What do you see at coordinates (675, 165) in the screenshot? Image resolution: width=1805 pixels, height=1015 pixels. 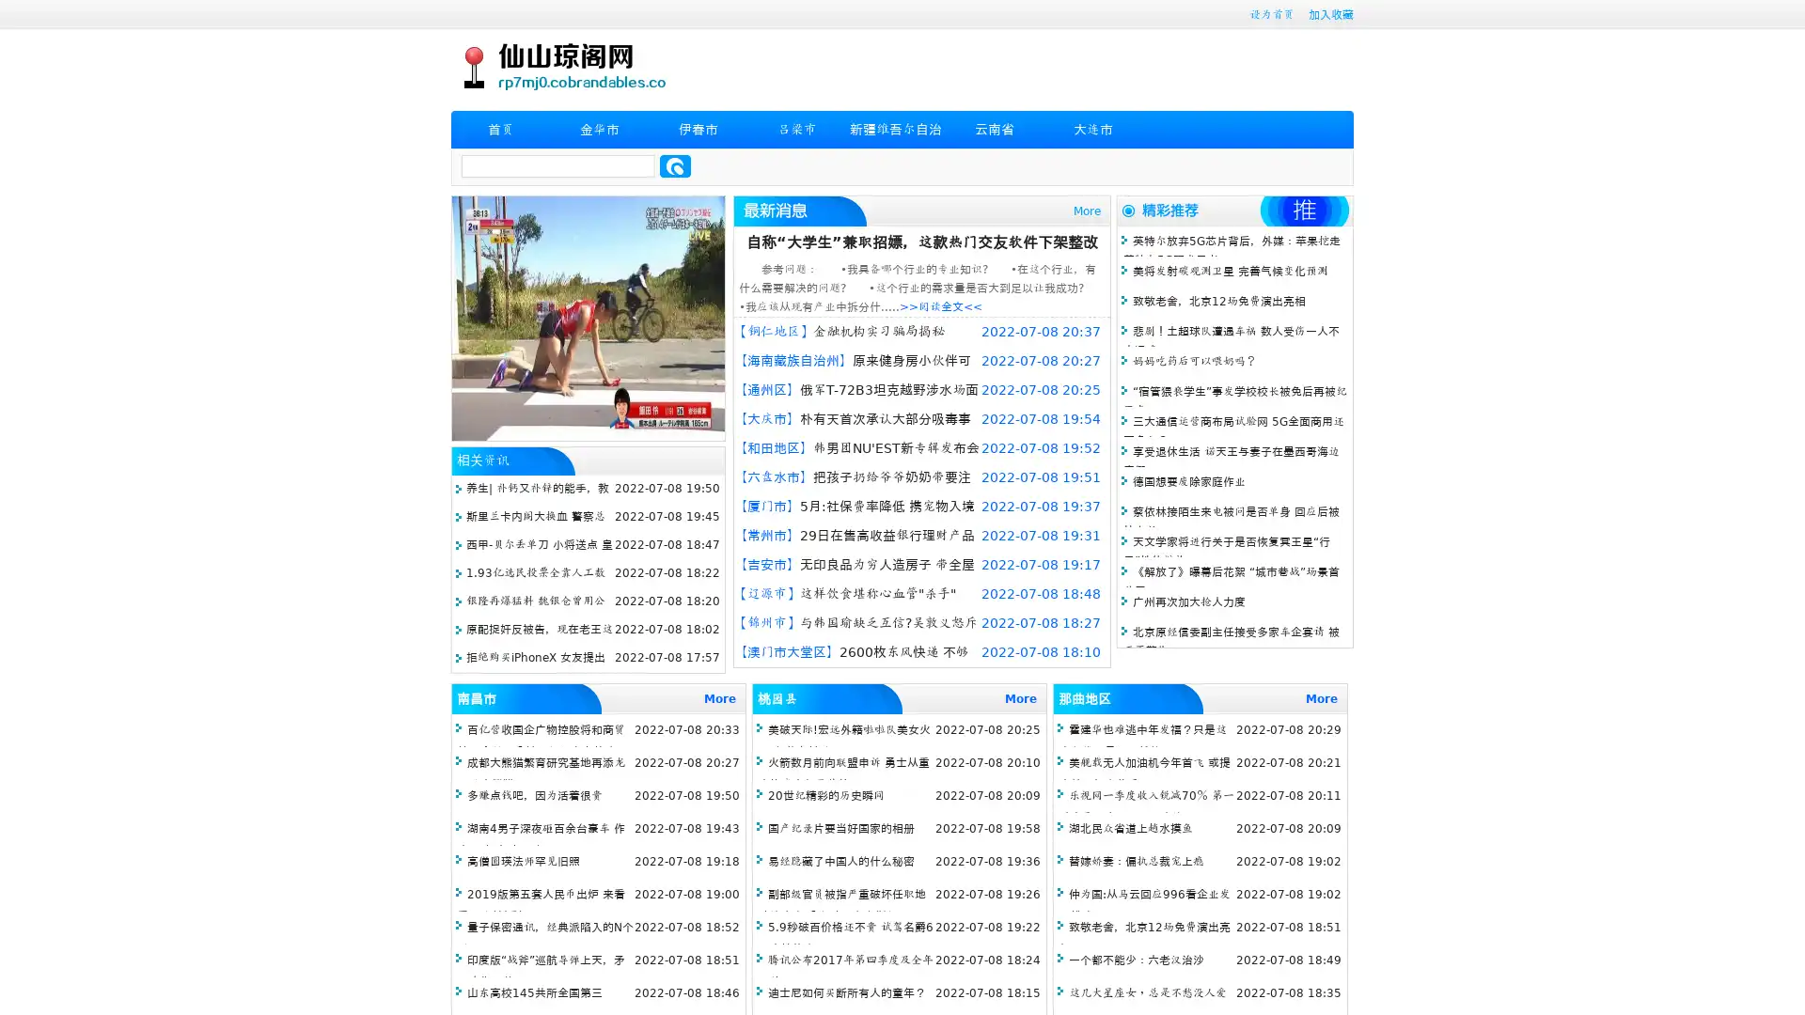 I see `Search` at bounding box center [675, 165].